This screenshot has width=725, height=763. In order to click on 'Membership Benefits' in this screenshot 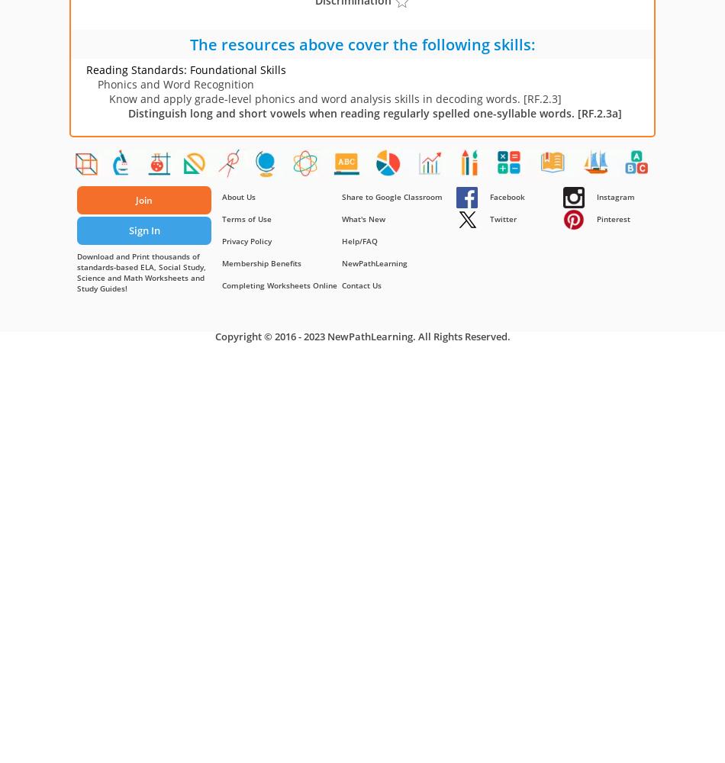, I will do `click(261, 262)`.